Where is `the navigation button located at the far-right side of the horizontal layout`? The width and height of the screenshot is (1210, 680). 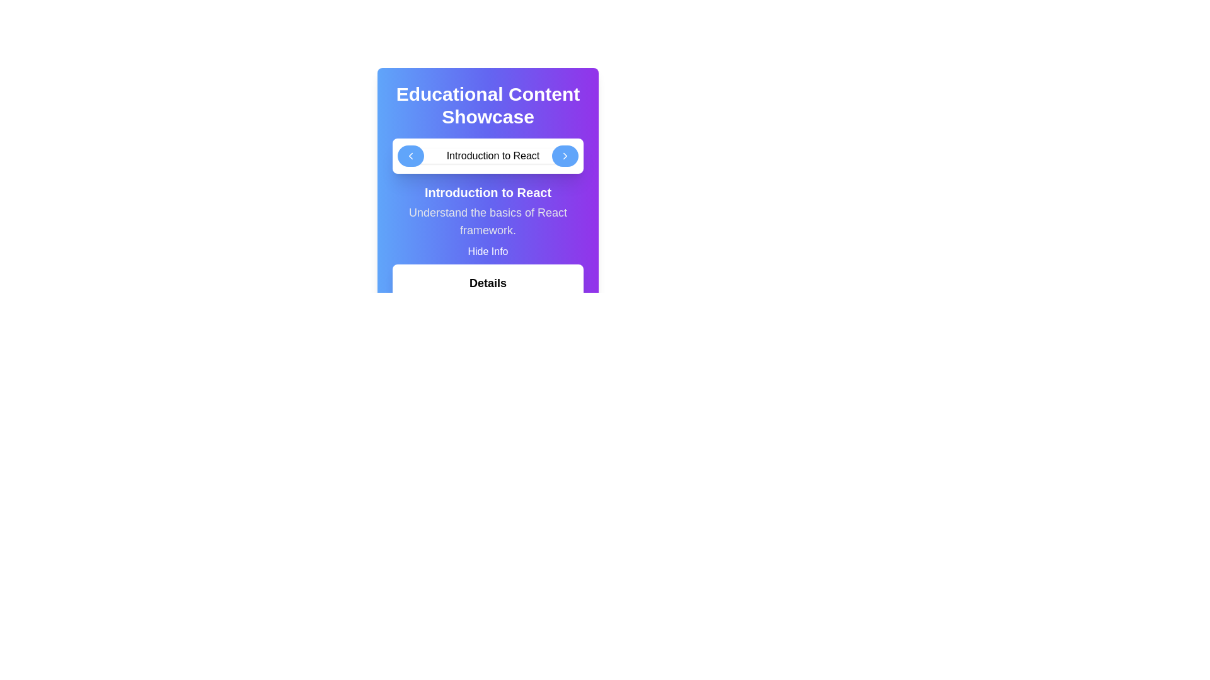
the navigation button located at the far-right side of the horizontal layout is located at coordinates (565, 155).